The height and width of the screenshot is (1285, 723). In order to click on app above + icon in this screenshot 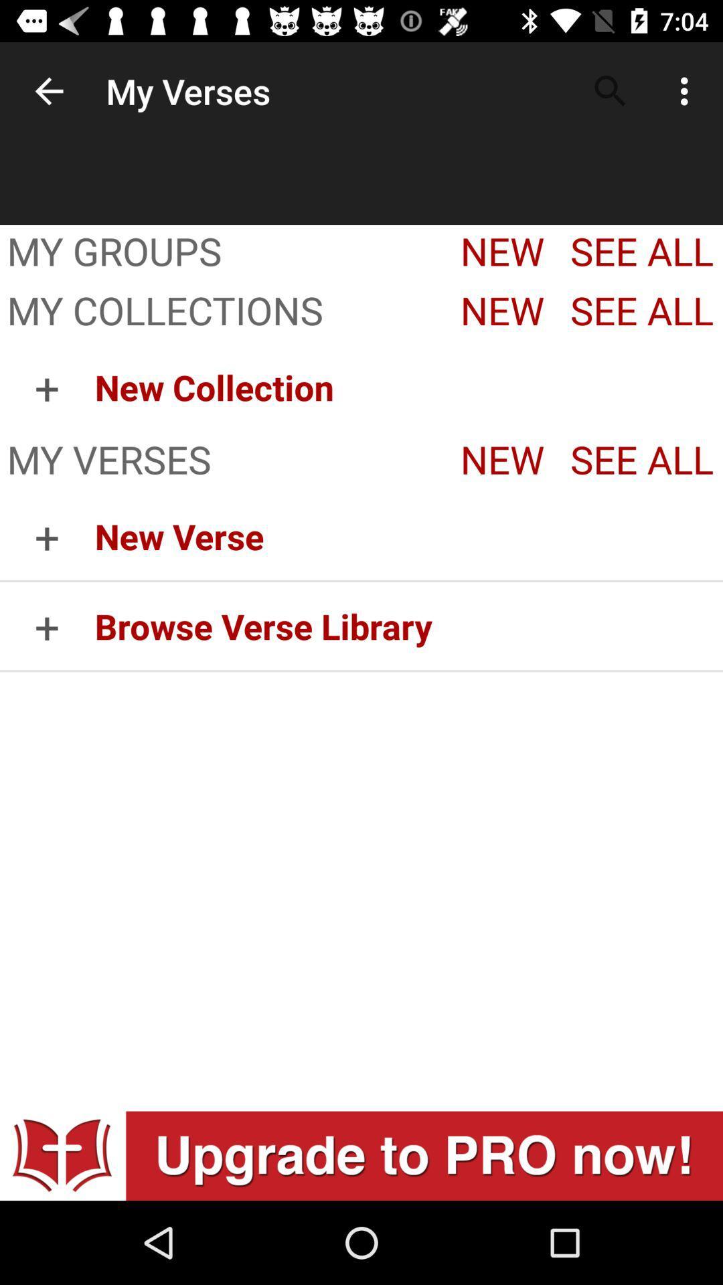, I will do `click(221, 312)`.